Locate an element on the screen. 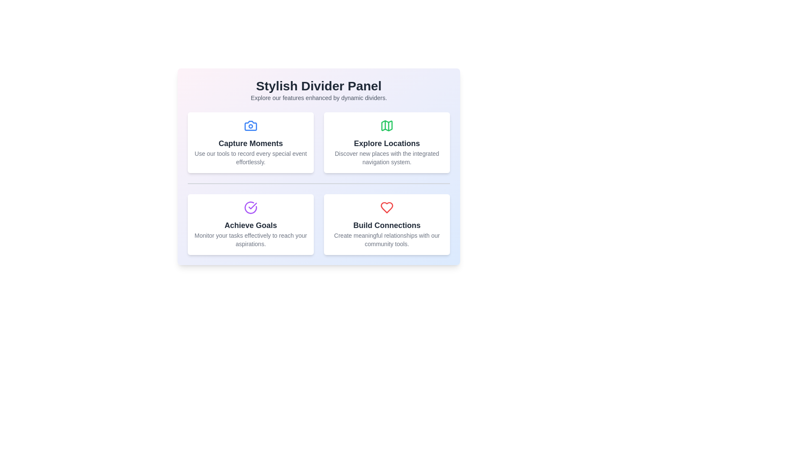 The width and height of the screenshot is (812, 456). the decorative icon representing the card's theme, positioned at the top-left quadrant above the 'Capture Moments' title is located at coordinates (250, 125).